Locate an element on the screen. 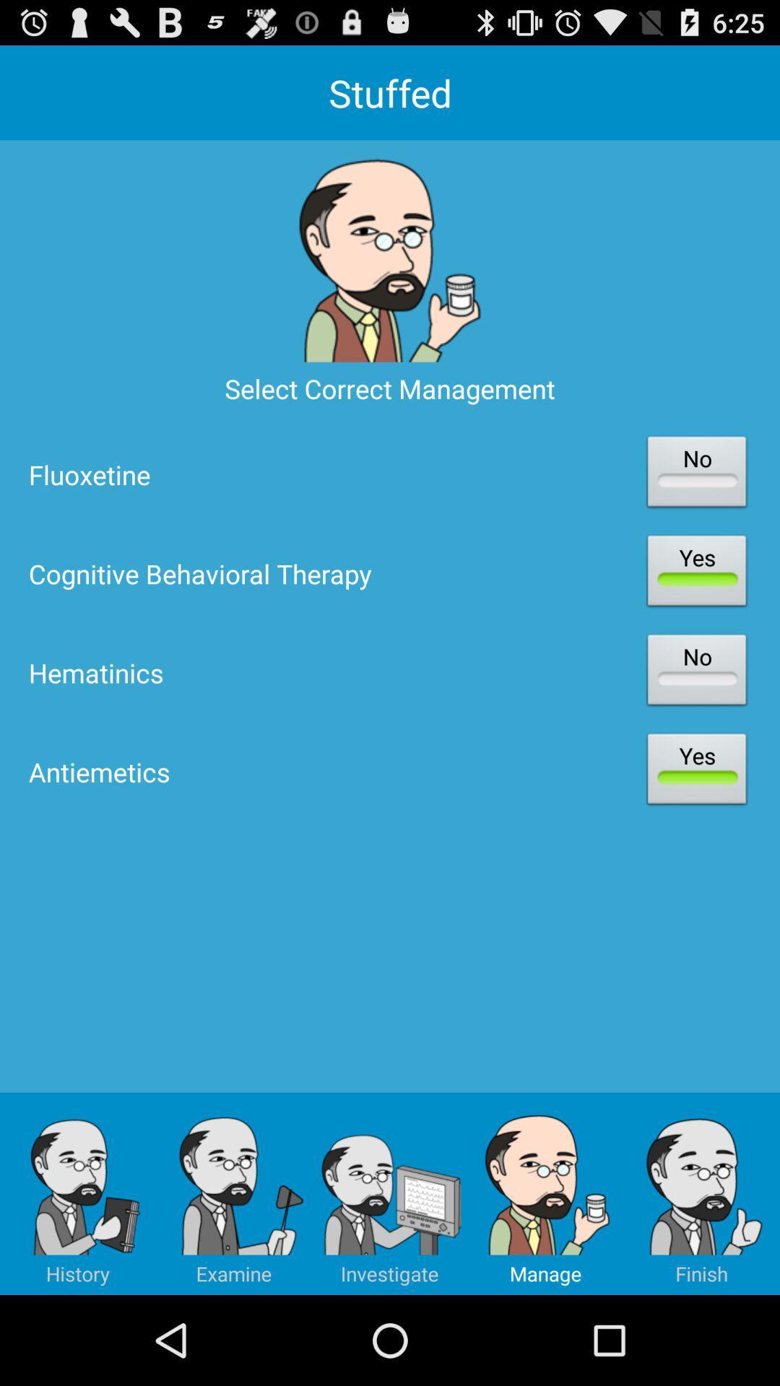 This screenshot has width=780, height=1386. the first yes button in the page is located at coordinates (695, 573).